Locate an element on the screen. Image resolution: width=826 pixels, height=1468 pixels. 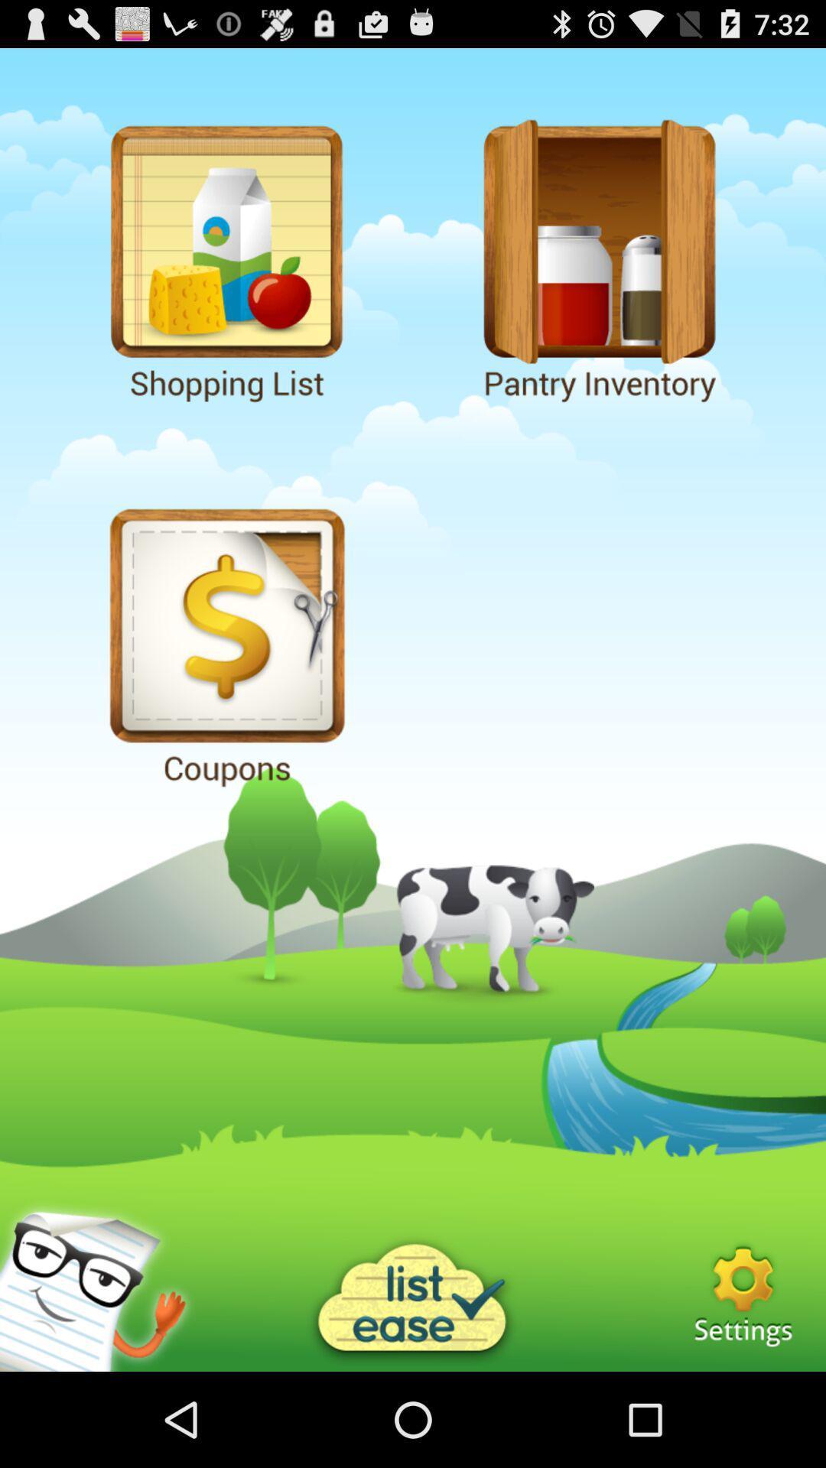
item at the top left corner is located at coordinates (226, 258).